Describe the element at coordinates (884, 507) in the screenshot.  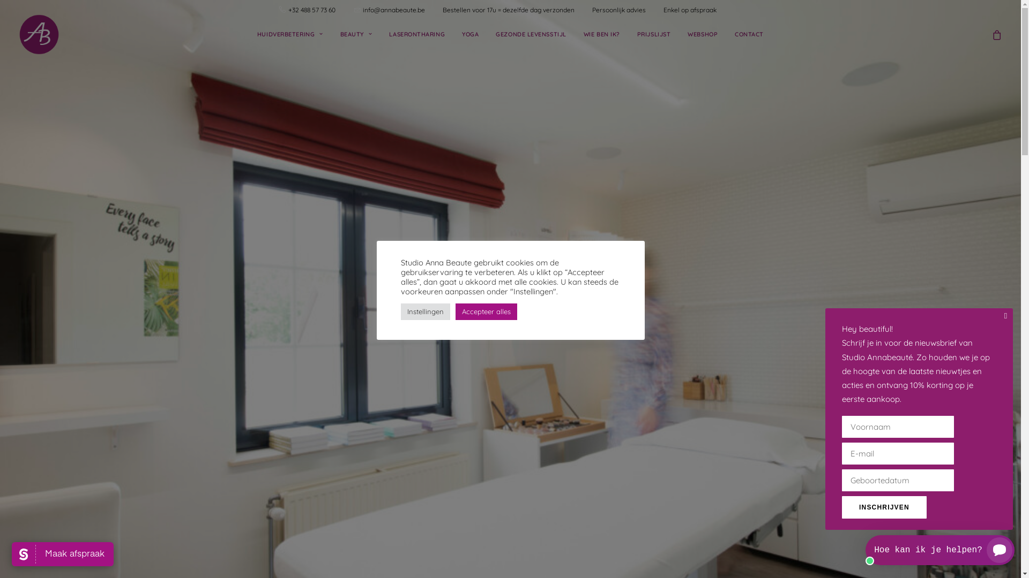
I see `'Inschrijven'` at that location.